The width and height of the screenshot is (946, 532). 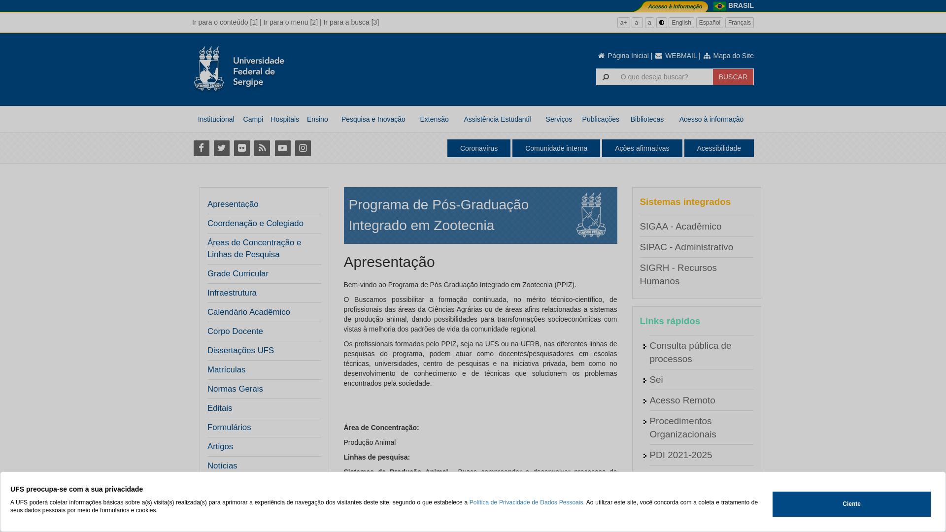 I want to click on 'Instagram', so click(x=302, y=148).